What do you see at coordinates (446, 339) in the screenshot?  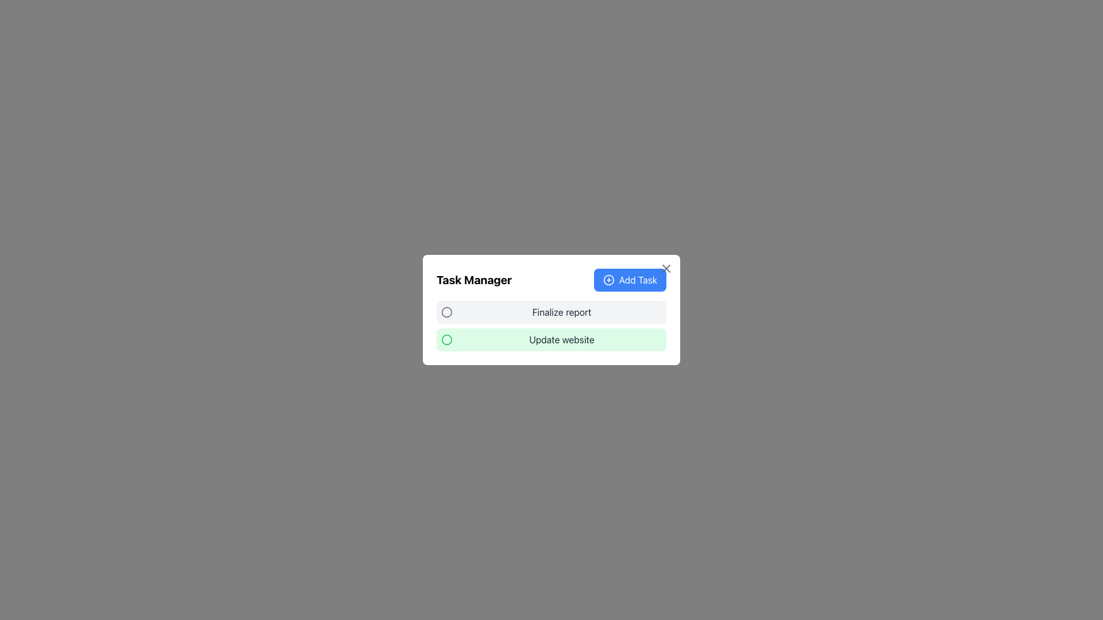 I see `the Status Indicator located to the left of the text 'Update website' in the task manager interface` at bounding box center [446, 339].